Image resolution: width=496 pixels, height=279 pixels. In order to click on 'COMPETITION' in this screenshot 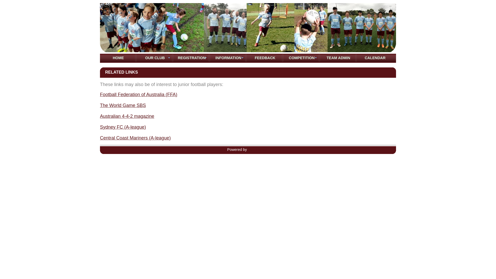, I will do `click(283, 58)`.